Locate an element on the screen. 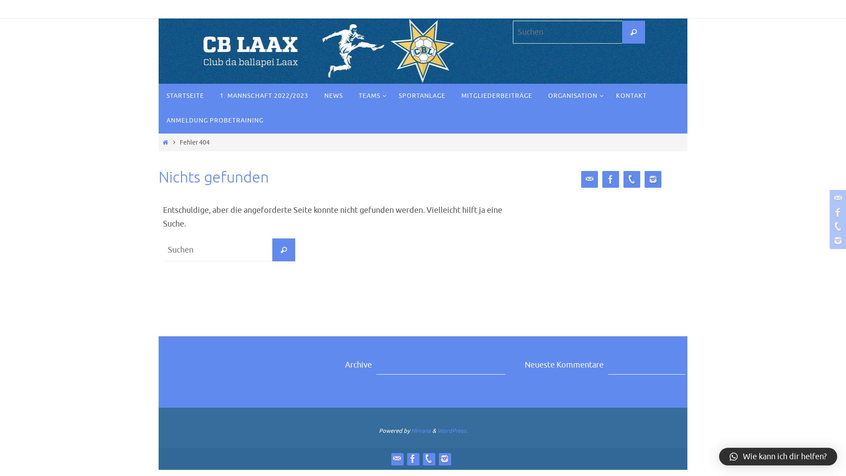 This screenshot has width=846, height=476. 'KONTAKT' is located at coordinates (631, 96).